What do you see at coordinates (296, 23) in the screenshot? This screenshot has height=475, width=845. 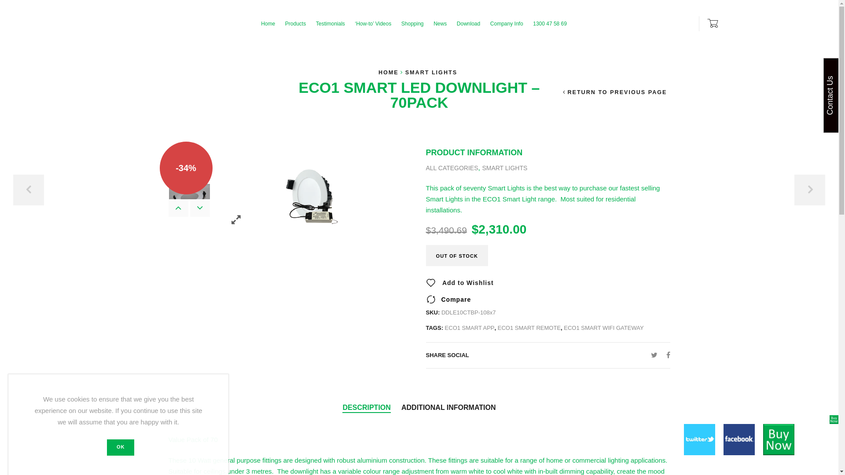 I see `'Products'` at bounding box center [296, 23].